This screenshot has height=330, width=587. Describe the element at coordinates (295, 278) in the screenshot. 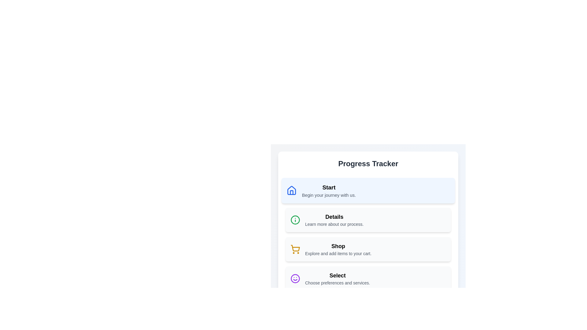

I see `the graphical form of the circular outline within the SVG graphic that represents the 'Select' option in the list` at that location.